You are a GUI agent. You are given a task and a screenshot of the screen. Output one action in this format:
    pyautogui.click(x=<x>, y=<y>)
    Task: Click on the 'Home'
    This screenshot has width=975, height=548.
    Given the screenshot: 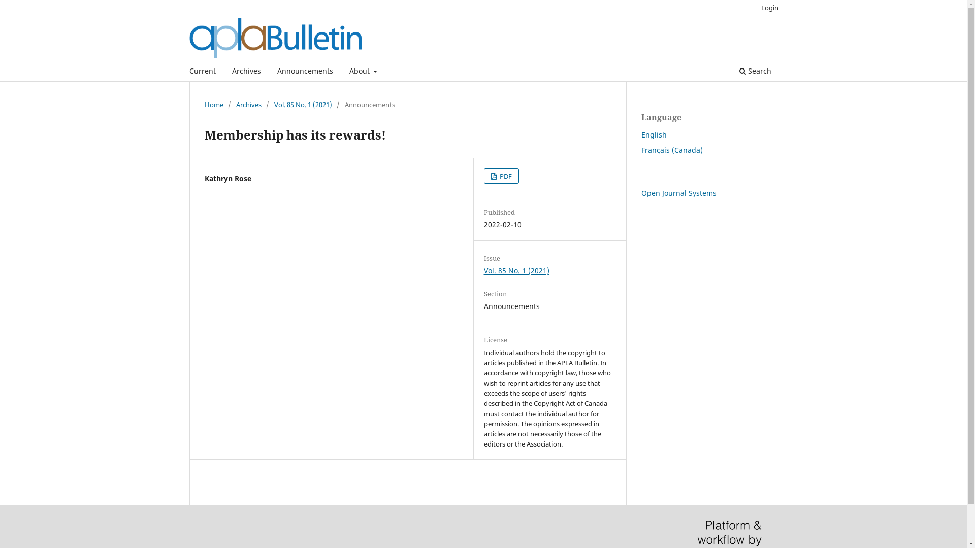 What is the action you would take?
    pyautogui.click(x=213, y=104)
    